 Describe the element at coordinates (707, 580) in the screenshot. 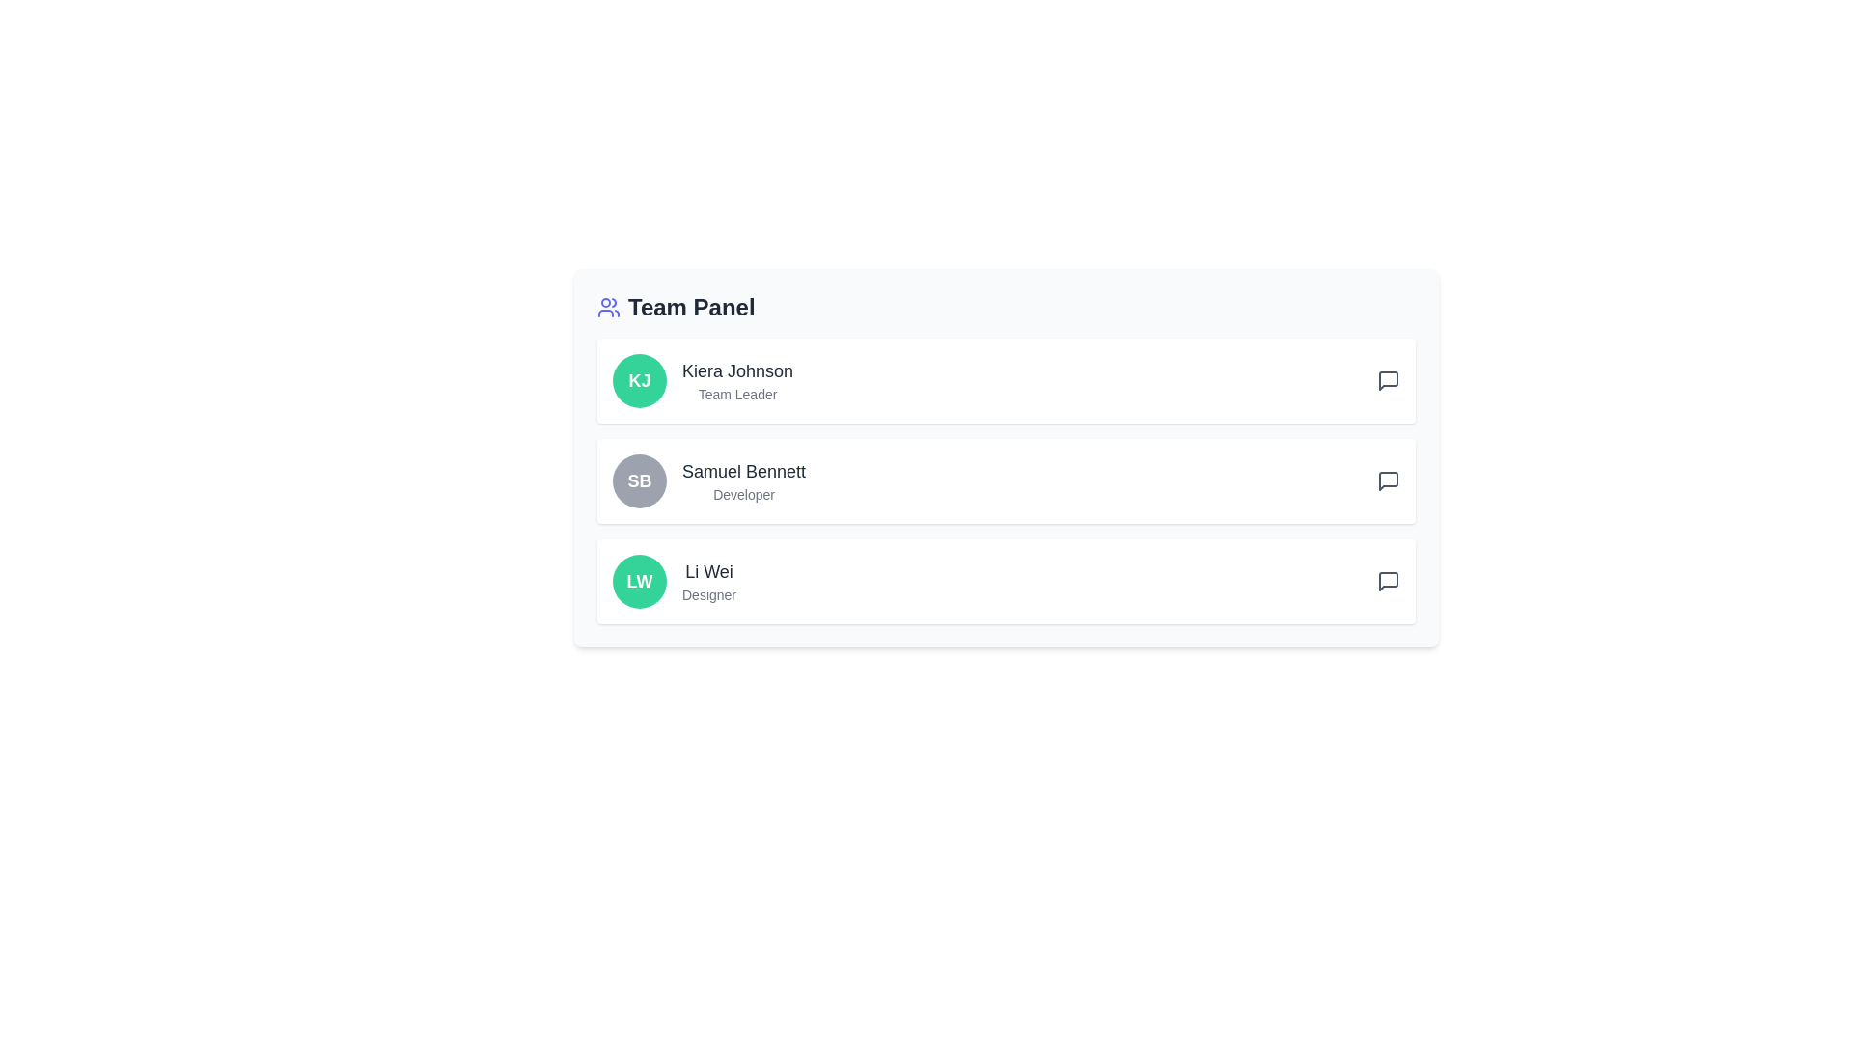

I see `the text label displaying 'Li Wei', the Designer role, located in the third row of the Team Panel, to the right of the avatar 'LW'` at that location.